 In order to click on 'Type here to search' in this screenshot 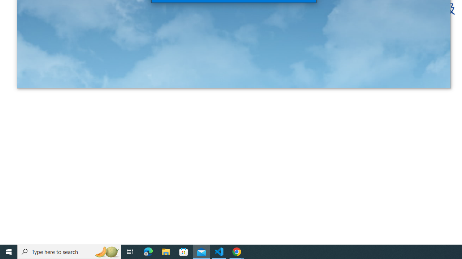, I will do `click(69, 251)`.